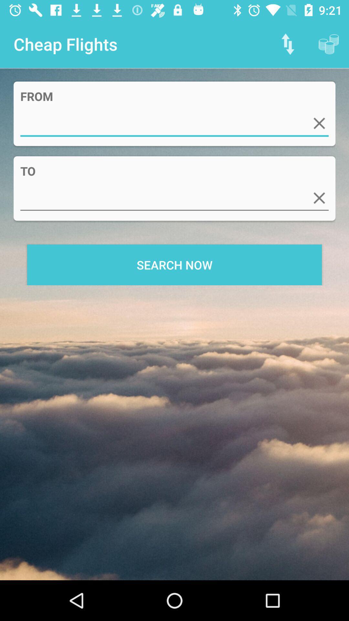 The height and width of the screenshot is (621, 349). Describe the element at coordinates (174, 198) in the screenshot. I see `icon above search now` at that location.